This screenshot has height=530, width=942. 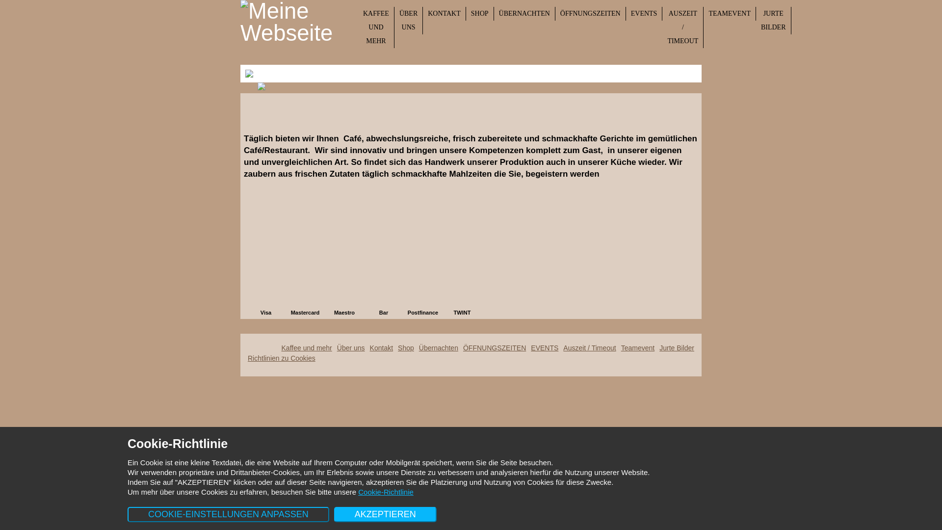 I want to click on 'Auszeit / Timeout', so click(x=589, y=347).